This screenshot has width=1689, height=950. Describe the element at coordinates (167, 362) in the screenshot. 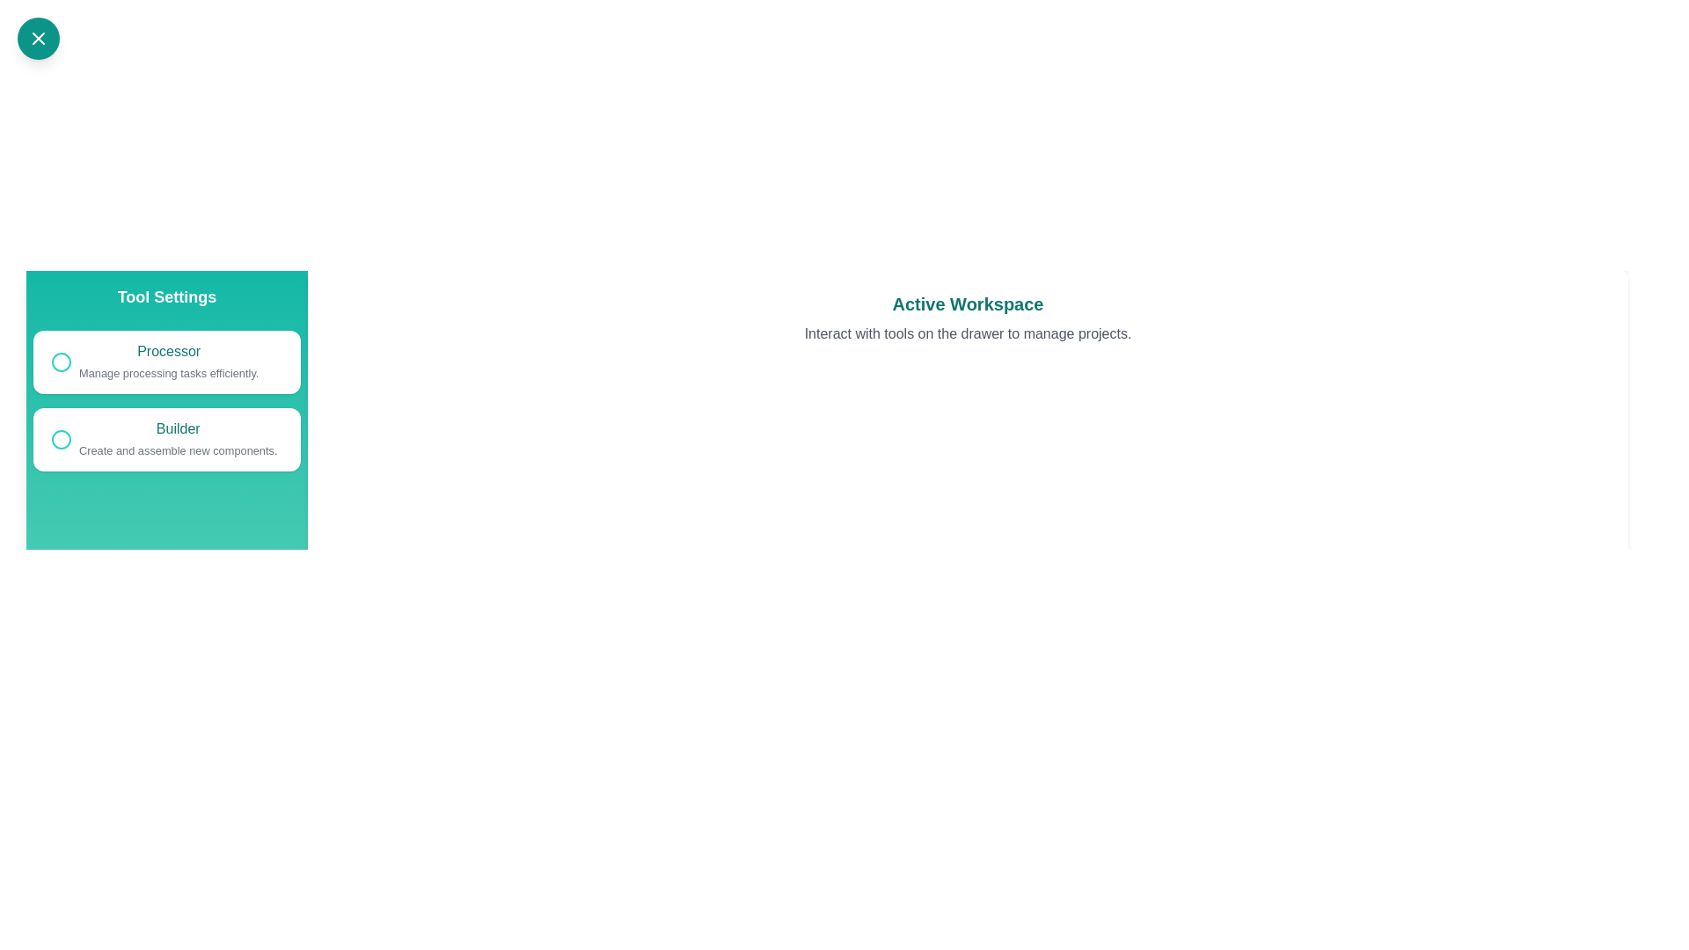

I see `the tool named Processor to see its hover effect` at that location.